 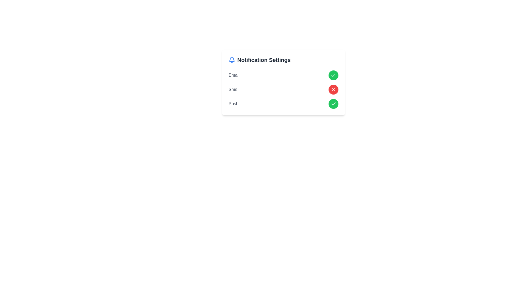 I want to click on the bell icon representing notifications, located, so click(x=232, y=60).